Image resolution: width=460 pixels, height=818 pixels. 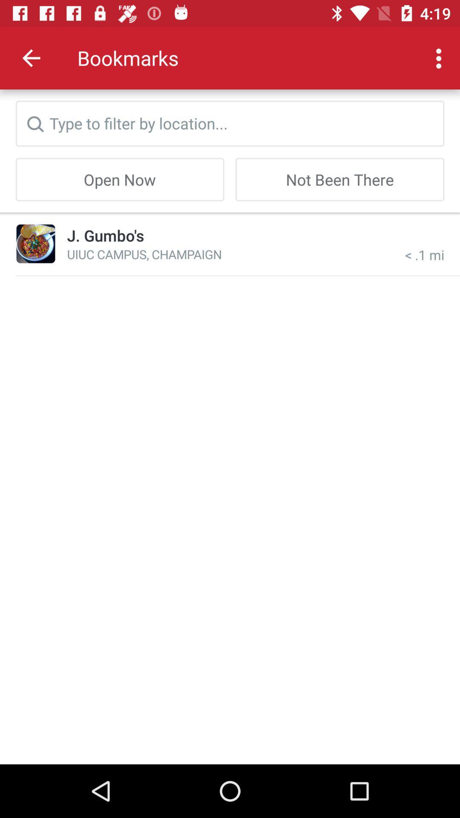 What do you see at coordinates (339, 179) in the screenshot?
I see `the item above < .1 mi item` at bounding box center [339, 179].